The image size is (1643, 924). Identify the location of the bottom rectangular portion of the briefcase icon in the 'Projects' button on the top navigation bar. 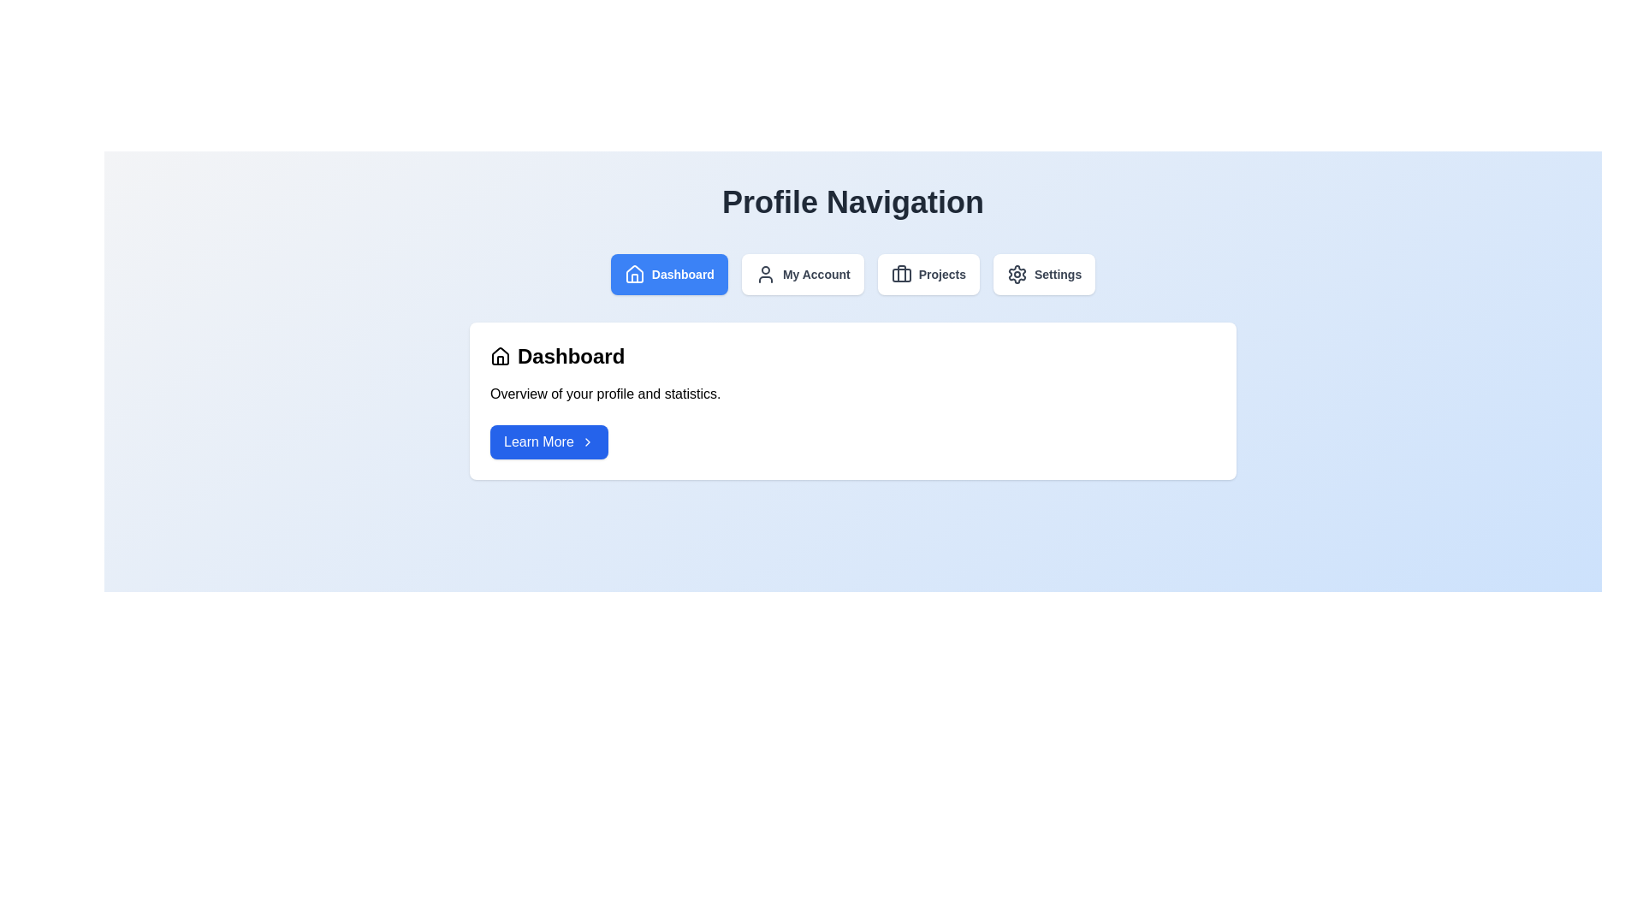
(900, 274).